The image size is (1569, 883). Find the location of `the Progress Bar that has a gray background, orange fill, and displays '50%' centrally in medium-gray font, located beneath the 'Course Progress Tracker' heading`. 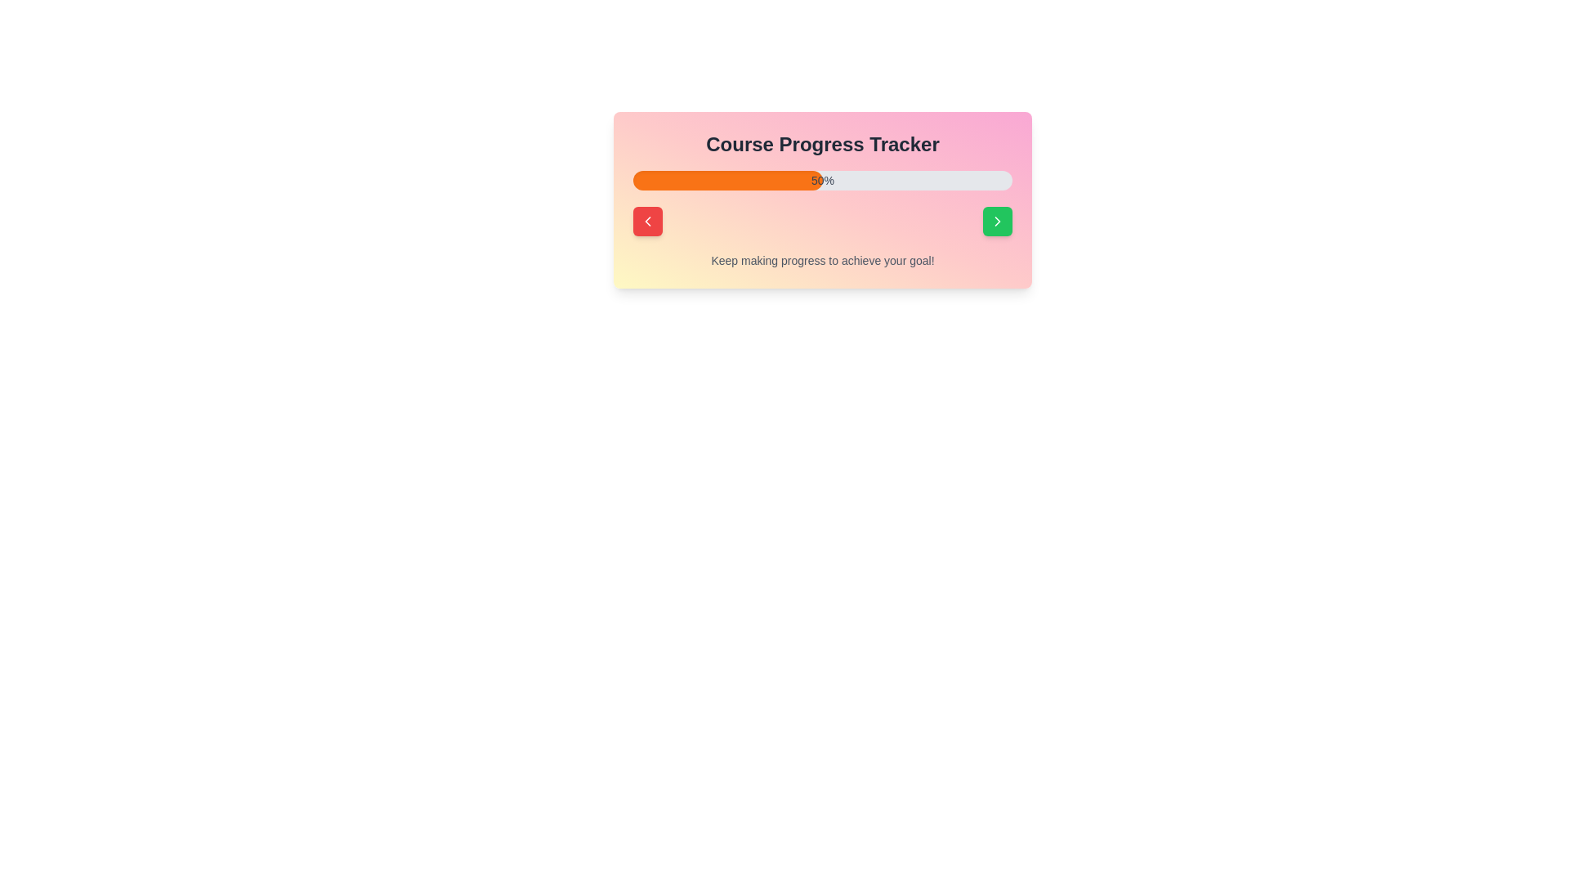

the Progress Bar that has a gray background, orange fill, and displays '50%' centrally in medium-gray font, located beneath the 'Course Progress Tracker' heading is located at coordinates (823, 180).